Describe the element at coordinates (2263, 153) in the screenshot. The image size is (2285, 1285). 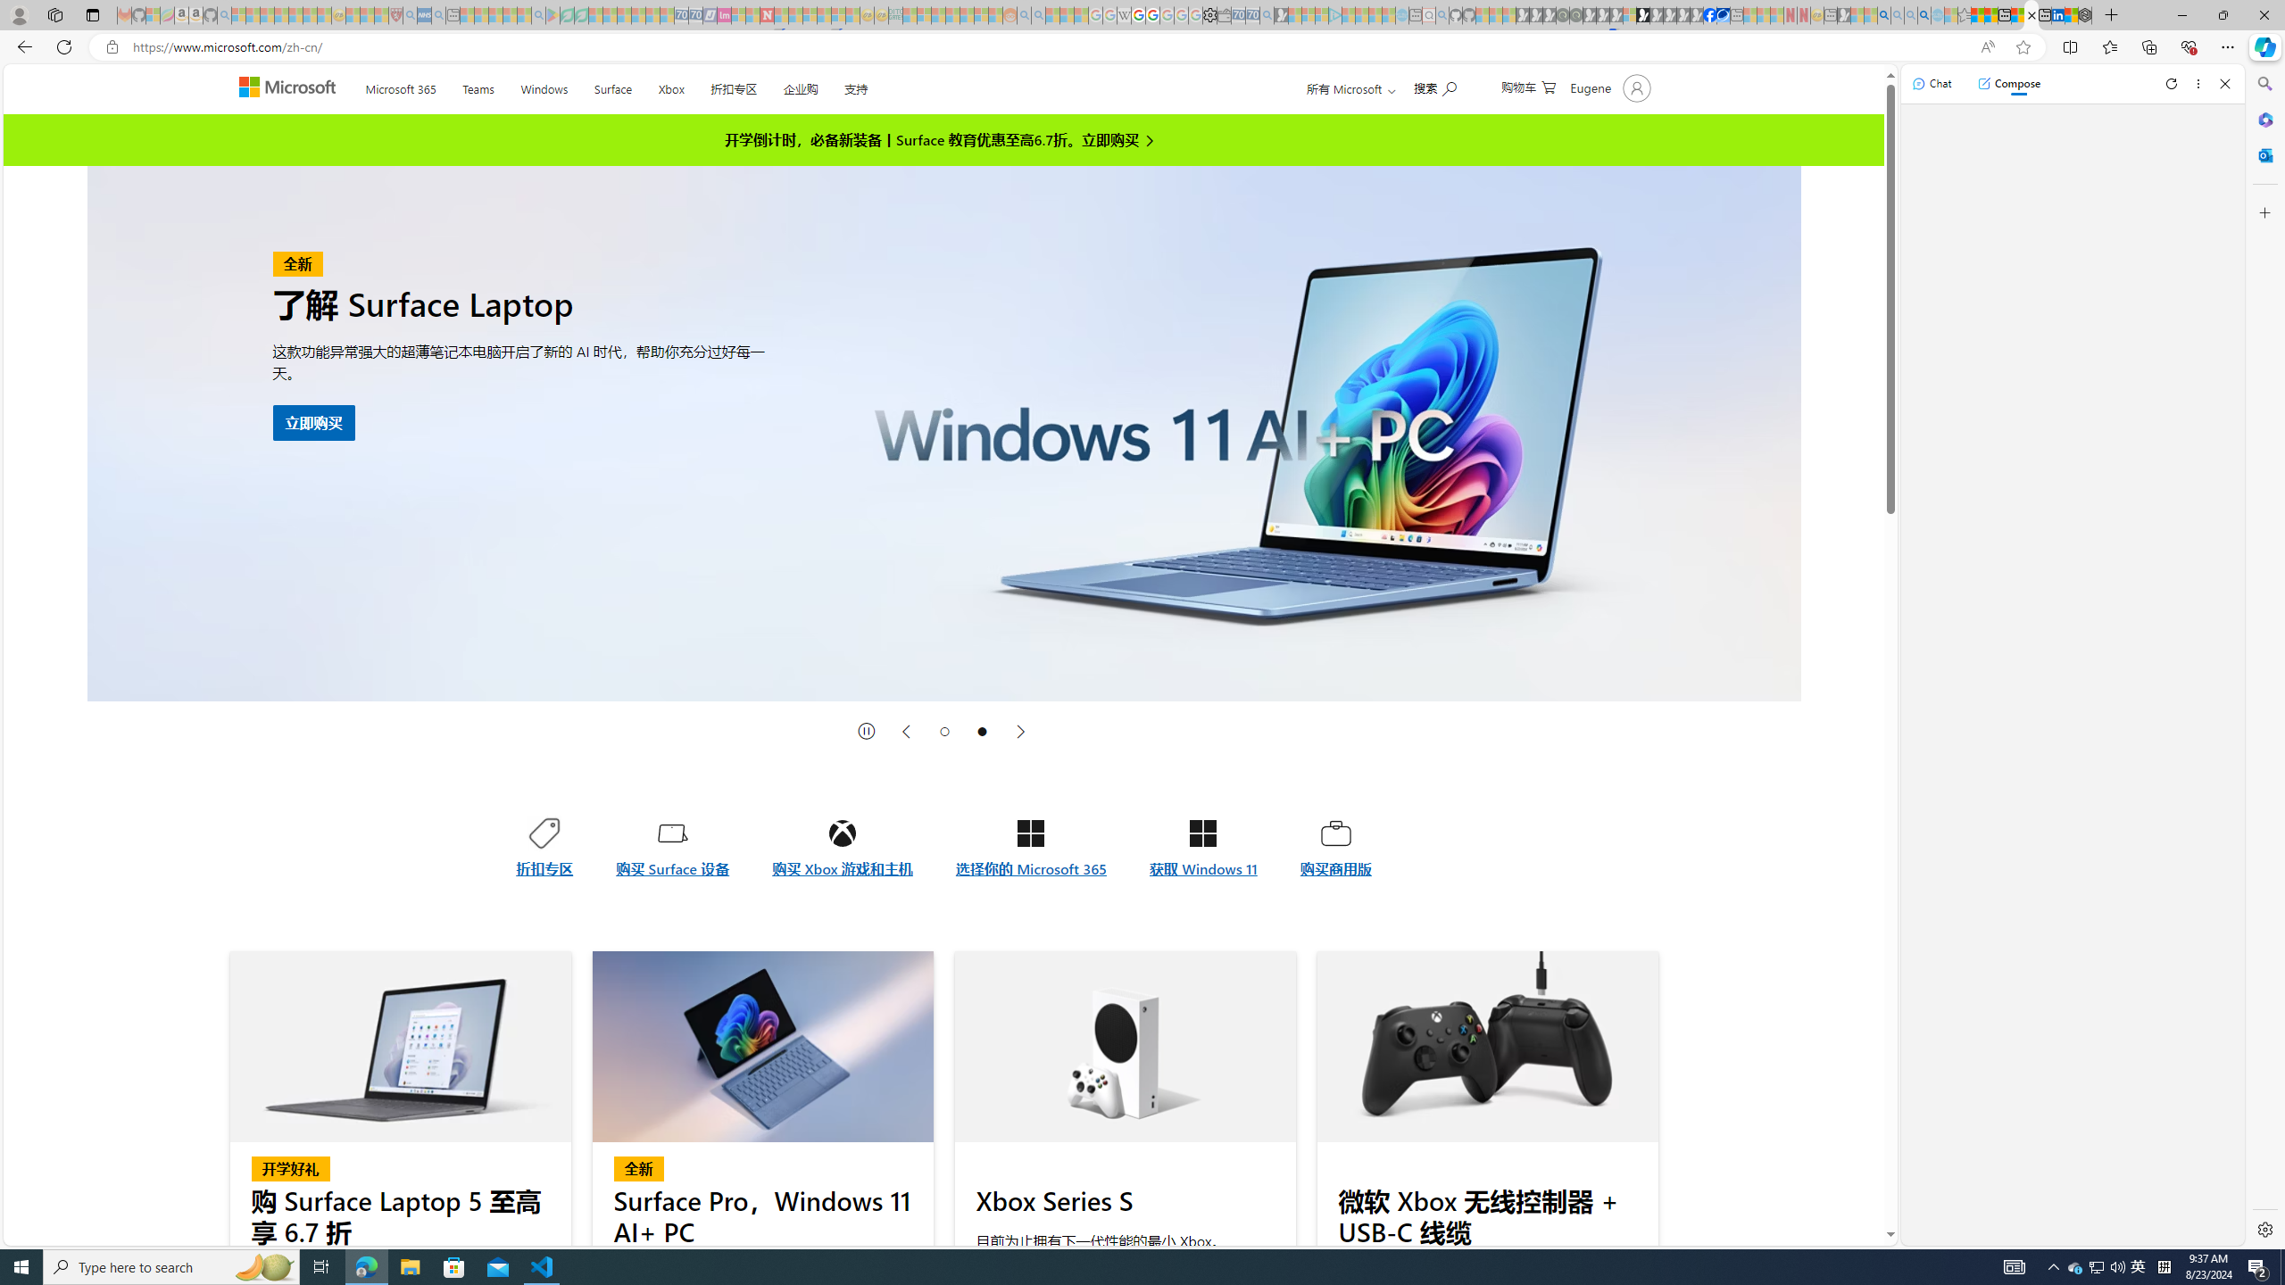
I see `'Close Outlook pane'` at that location.